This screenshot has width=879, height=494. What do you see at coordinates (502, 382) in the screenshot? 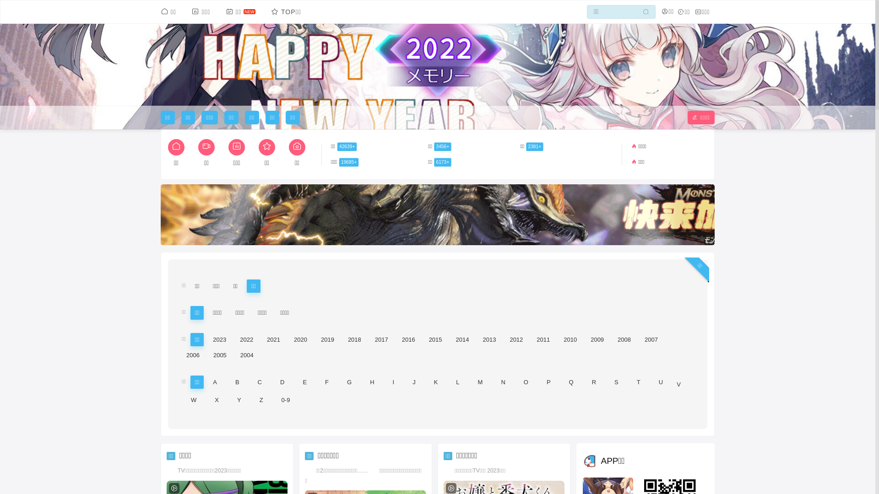
I see `'N'` at bounding box center [502, 382].